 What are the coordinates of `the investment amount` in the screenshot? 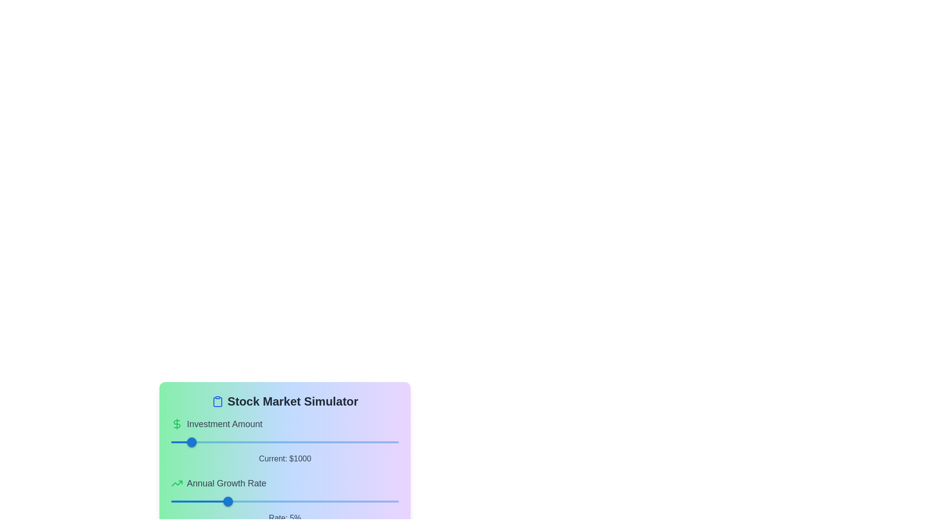 It's located at (337, 442).